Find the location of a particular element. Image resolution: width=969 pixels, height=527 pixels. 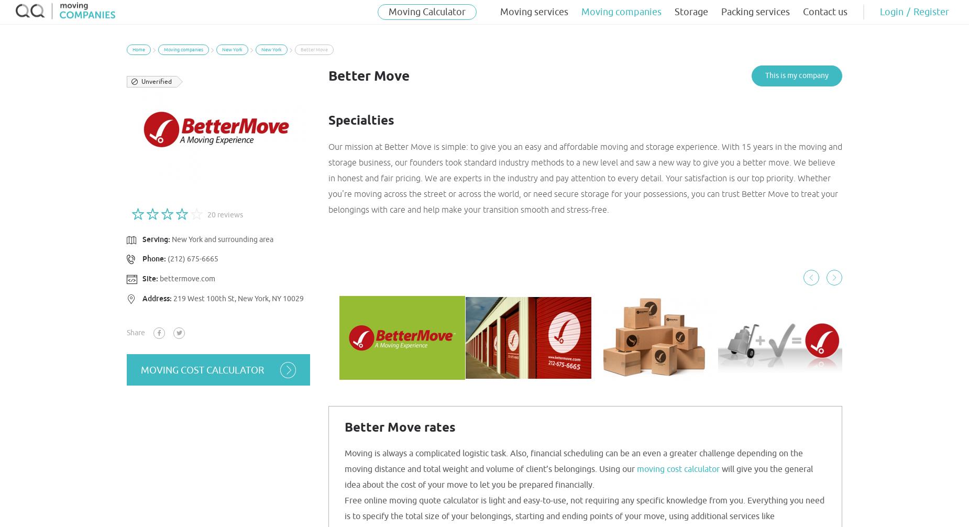

'Storage' is located at coordinates (674, 12).